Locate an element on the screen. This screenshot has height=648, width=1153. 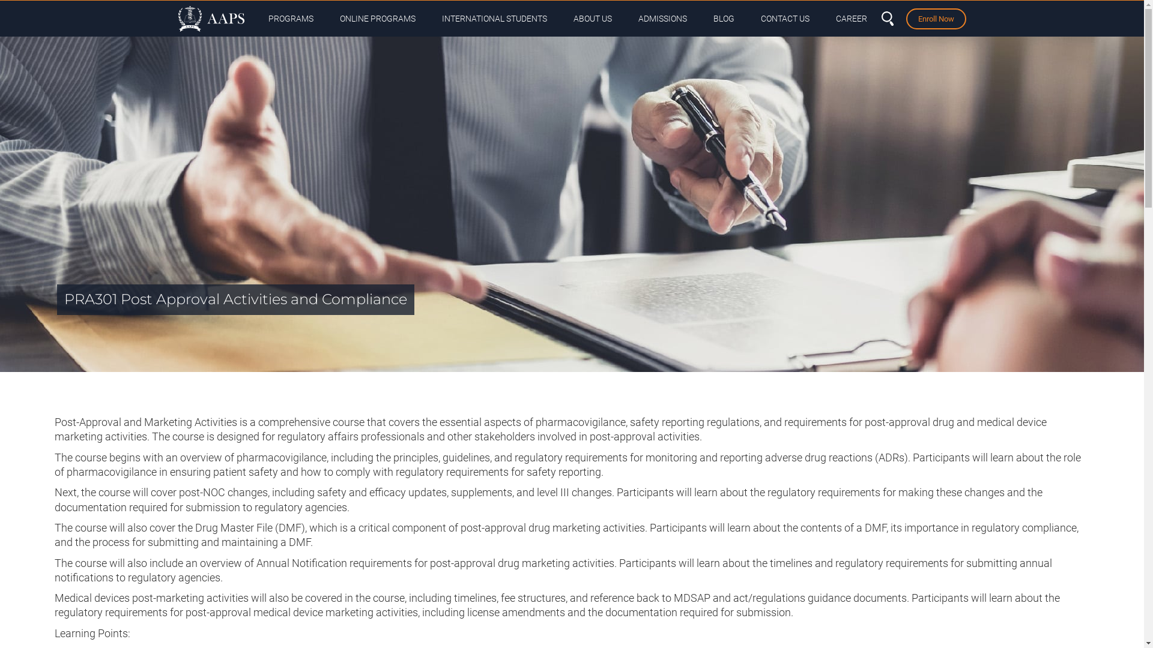
'BLOG' is located at coordinates (723, 18).